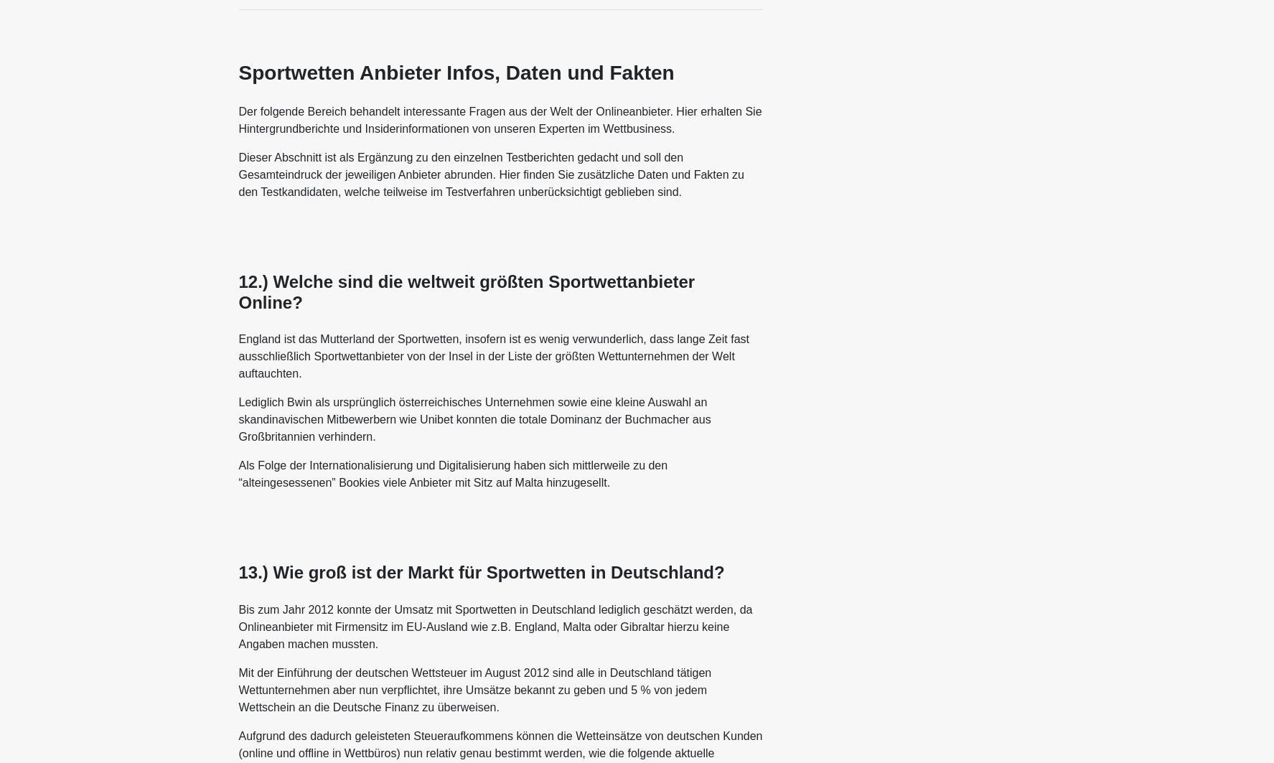  What do you see at coordinates (480, 571) in the screenshot?
I see `'13.) Wie groß ist der Markt für Sportwetten in Deutschland?'` at bounding box center [480, 571].